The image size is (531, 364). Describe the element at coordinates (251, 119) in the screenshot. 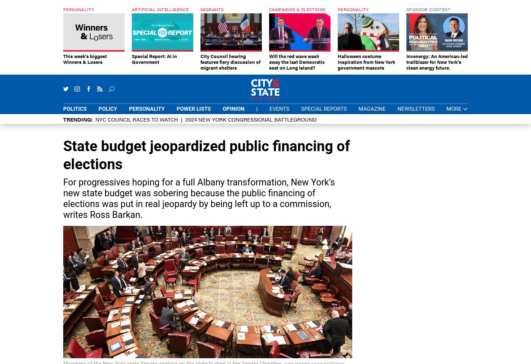

I see `'2024 New York congressional battleground'` at that location.